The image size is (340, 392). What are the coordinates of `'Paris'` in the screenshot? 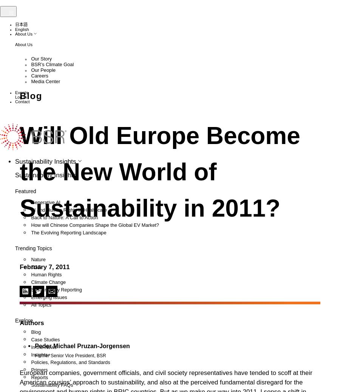 It's located at (34, 201).